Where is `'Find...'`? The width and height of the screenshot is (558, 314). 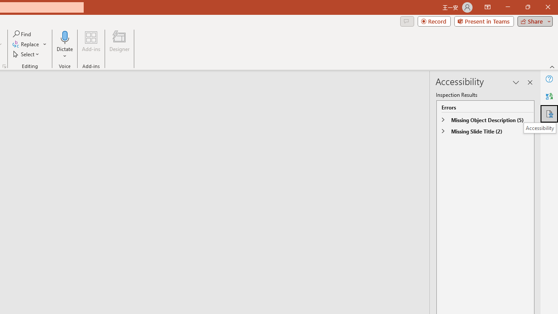
'Find...' is located at coordinates (22, 34).